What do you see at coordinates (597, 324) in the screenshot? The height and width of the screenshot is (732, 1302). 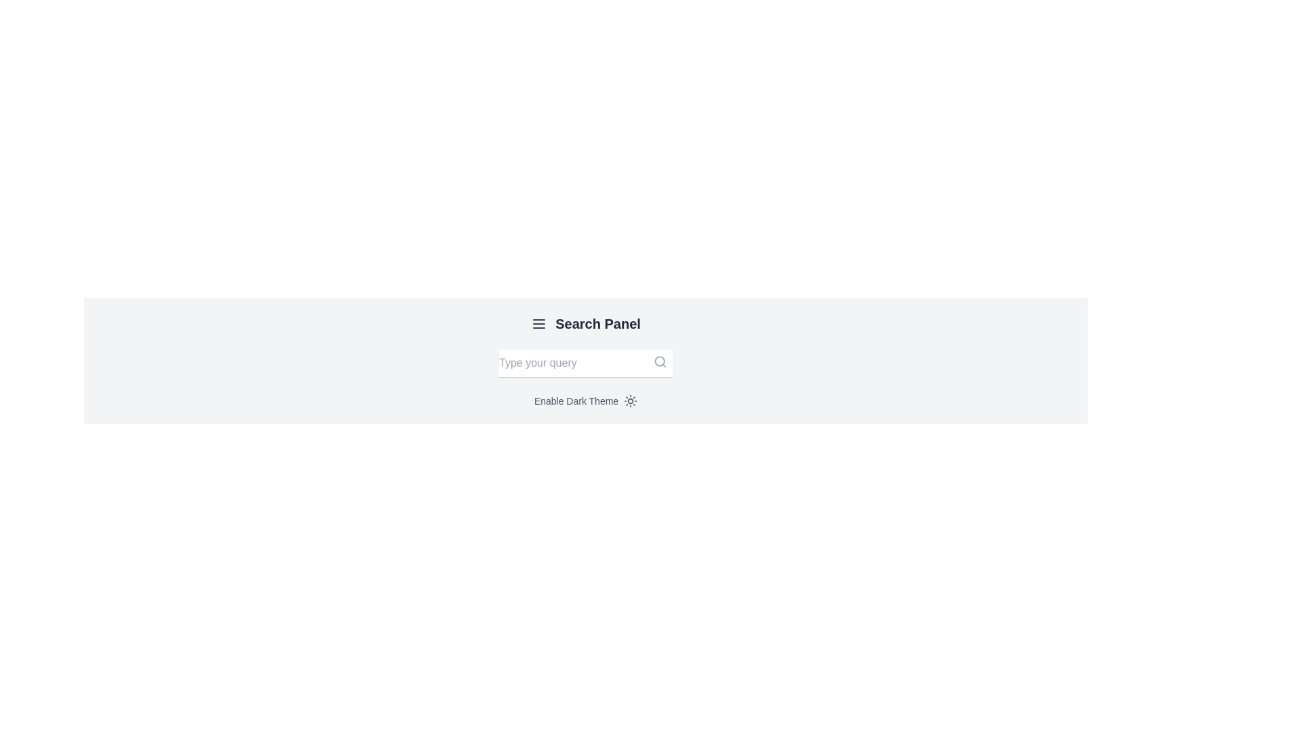 I see `the 'Search Panel' header text element, which is styled in bold and larger than typical body text` at bounding box center [597, 324].